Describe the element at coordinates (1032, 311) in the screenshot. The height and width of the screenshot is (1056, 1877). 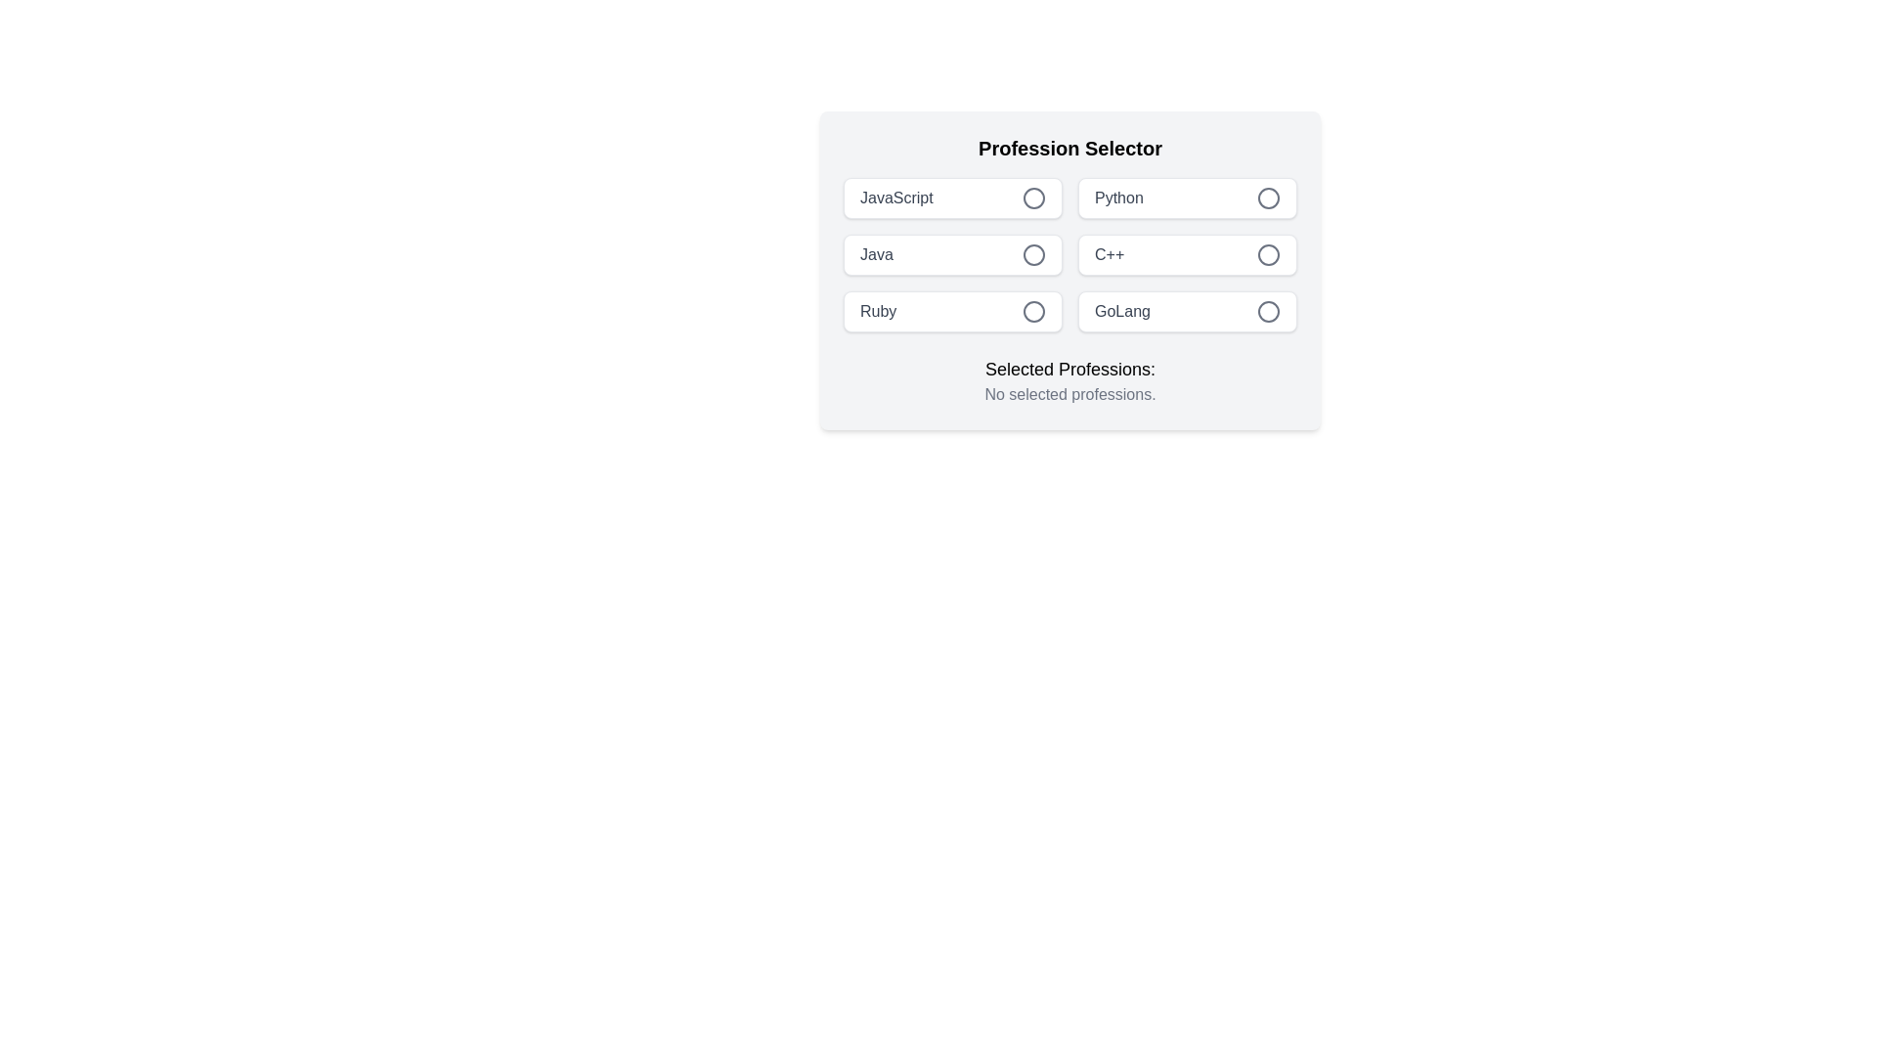
I see `the circular radio button indicator for the 'Ruby' profession option` at that location.